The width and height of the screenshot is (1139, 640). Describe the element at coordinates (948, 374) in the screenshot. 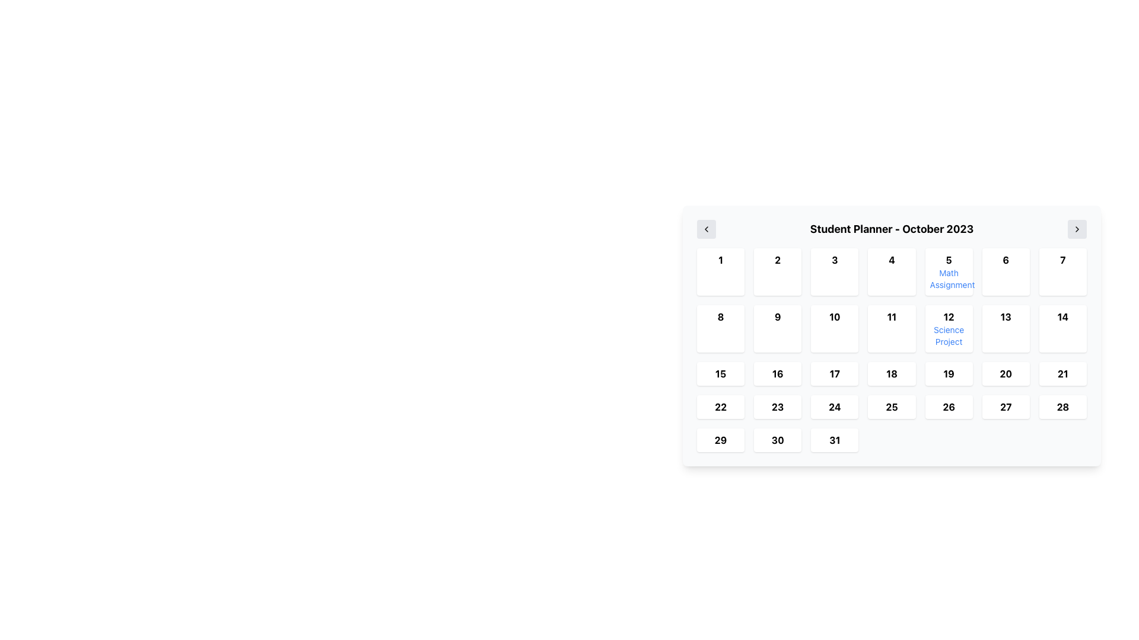

I see `the bold black number '19' displayed` at that location.